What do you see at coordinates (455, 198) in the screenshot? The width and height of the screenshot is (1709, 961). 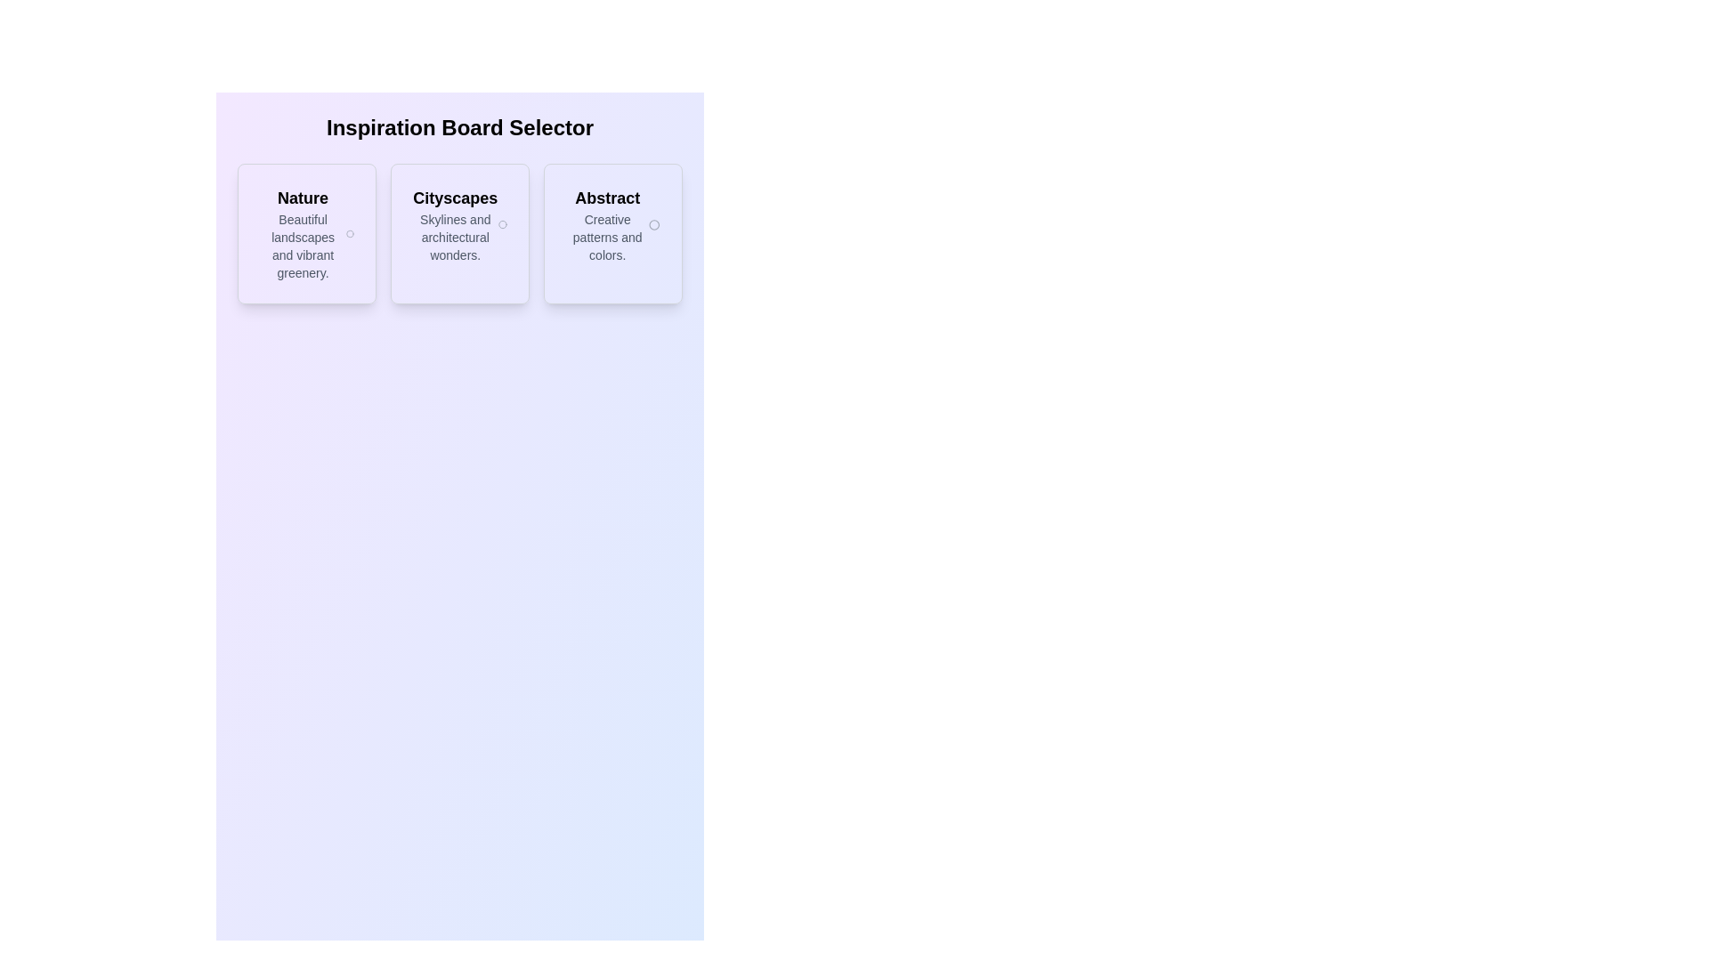 I see `the bold and prominent static text label labeled 'Cityscapes' in the middle card of a three-card layout, positioned above the subtitle 'Skylines and architectural wonders'` at bounding box center [455, 198].